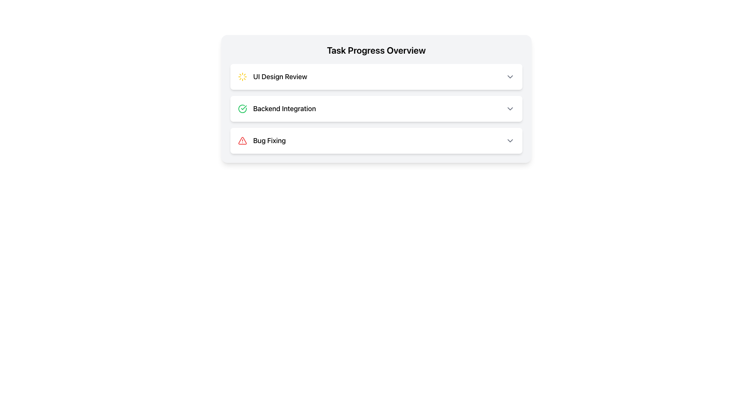 The width and height of the screenshot is (730, 411). What do you see at coordinates (376, 141) in the screenshot?
I see `the Collapsible section header featuring a white background, rounded corners, and the text 'Bug Fixing' with a red alert triangle icon on the left and a downward-facing arrow icon on the right` at bounding box center [376, 141].